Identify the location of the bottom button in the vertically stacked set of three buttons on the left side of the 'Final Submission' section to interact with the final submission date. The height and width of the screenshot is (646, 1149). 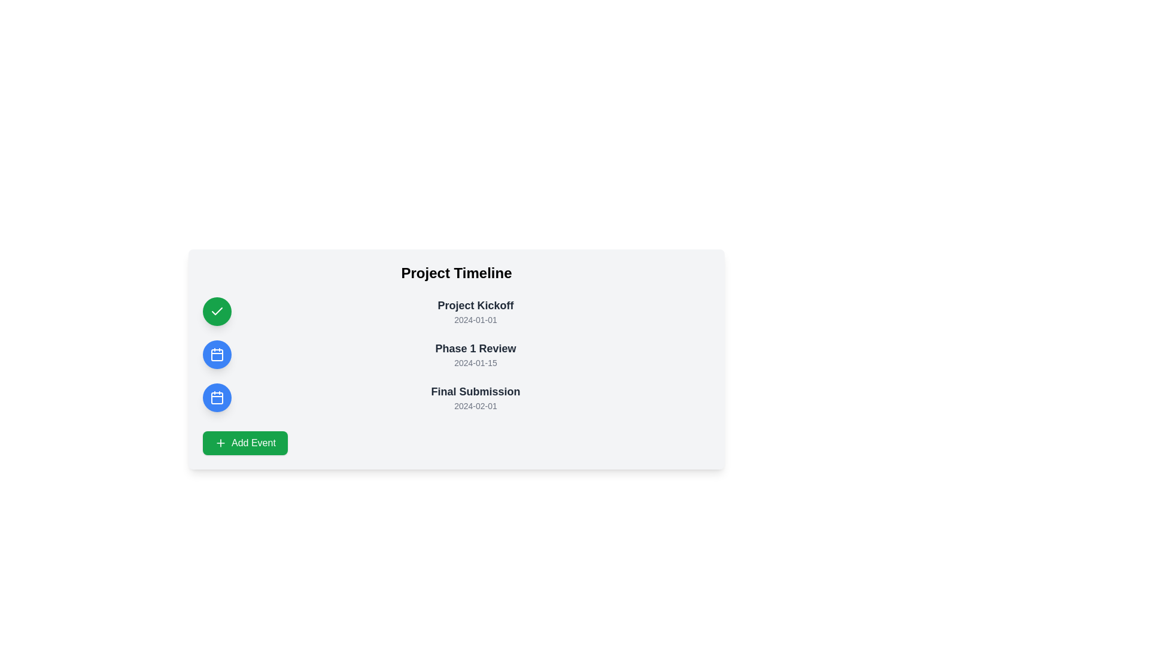
(217, 397).